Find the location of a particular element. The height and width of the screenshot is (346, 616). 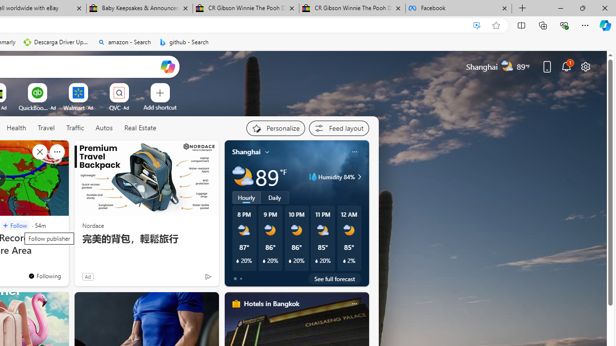

'Feed settings' is located at coordinates (339, 128).